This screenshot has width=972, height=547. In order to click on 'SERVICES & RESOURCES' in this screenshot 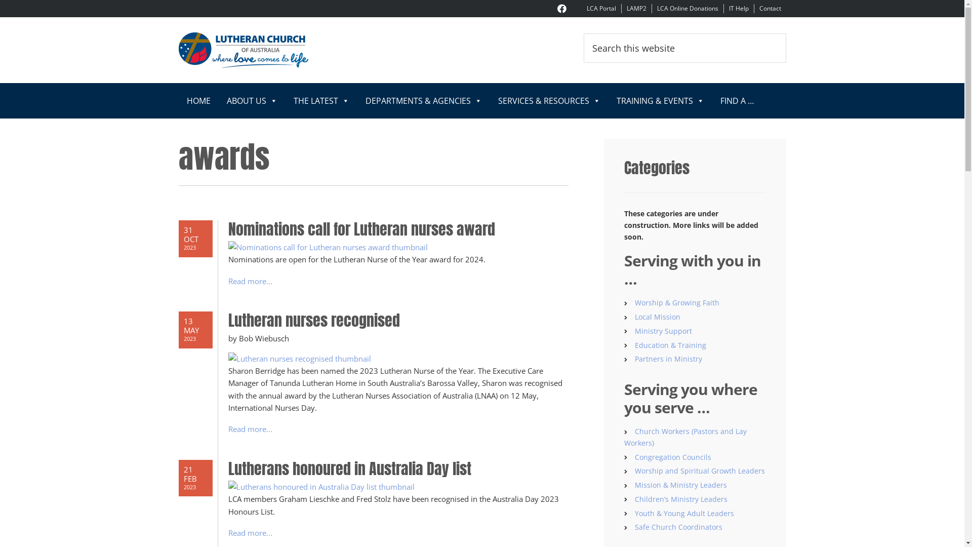, I will do `click(490, 101)`.